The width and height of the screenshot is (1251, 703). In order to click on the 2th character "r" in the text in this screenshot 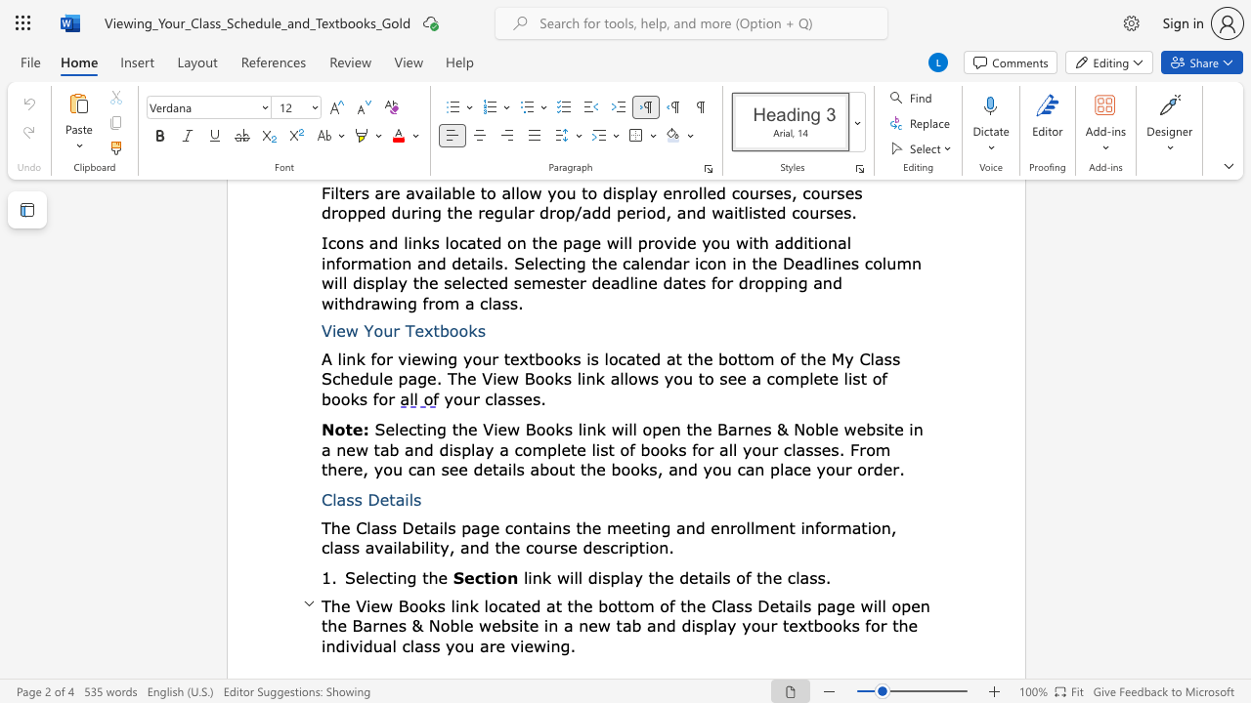, I will do `click(833, 527)`.